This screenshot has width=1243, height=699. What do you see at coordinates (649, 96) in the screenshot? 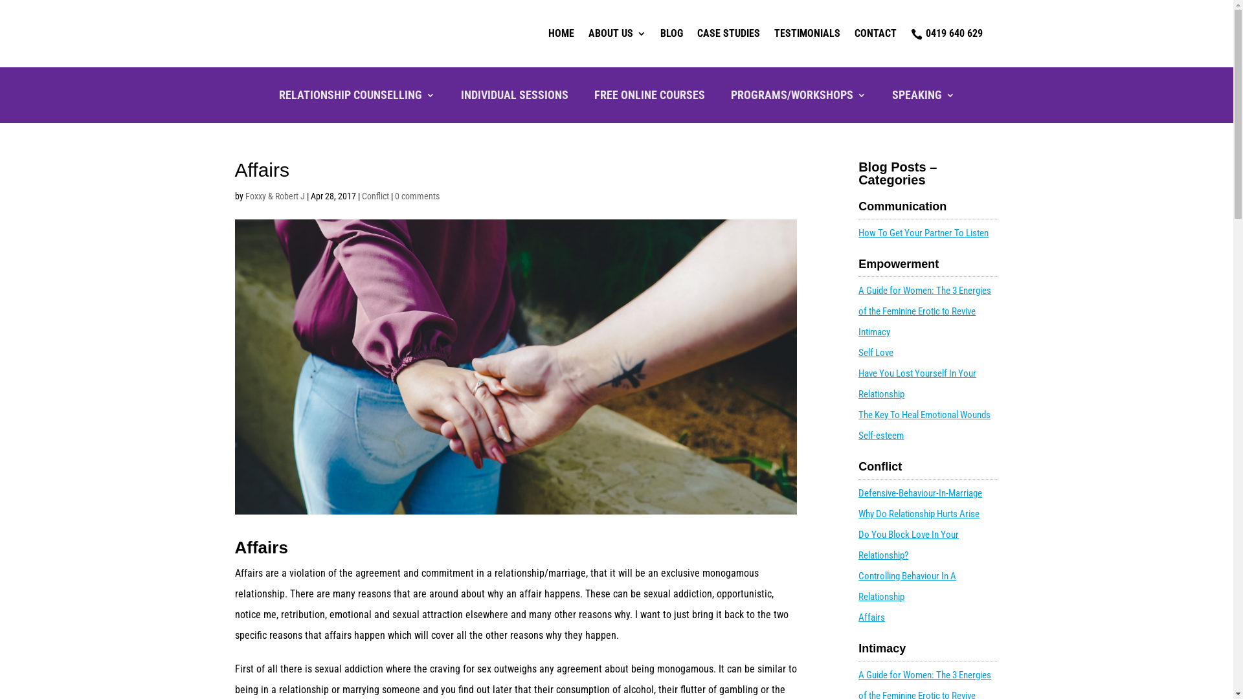
I see `'FREE ONLINE COURSES'` at bounding box center [649, 96].